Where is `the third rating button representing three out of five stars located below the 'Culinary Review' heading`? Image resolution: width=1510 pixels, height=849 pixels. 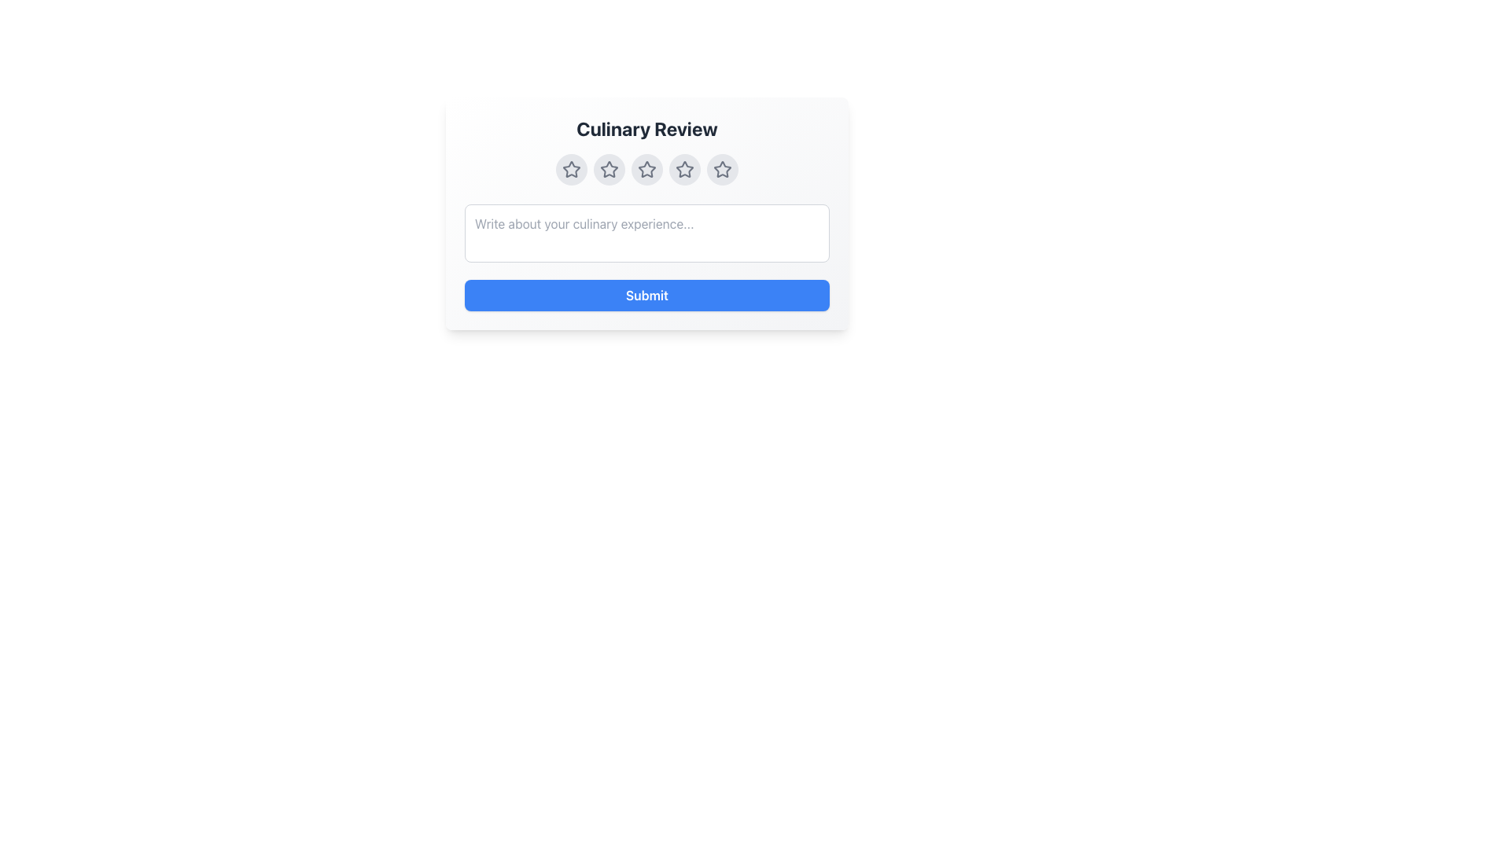 the third rating button representing three out of five stars located below the 'Culinary Review' heading is located at coordinates (646, 170).